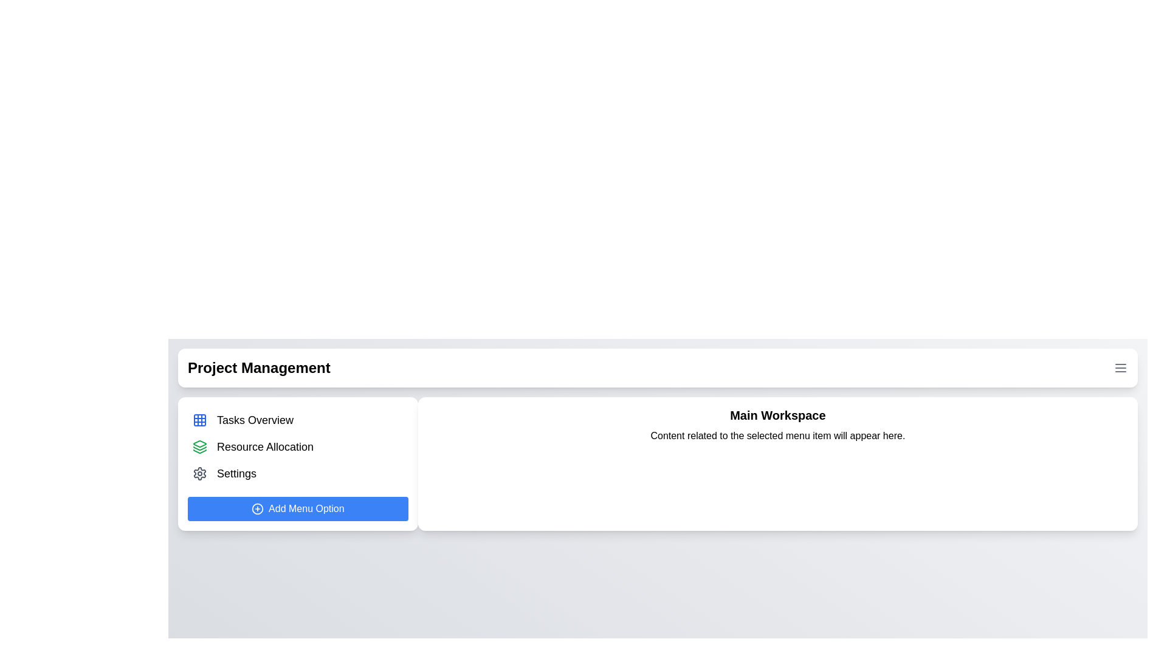 The image size is (1167, 656). I want to click on the menu item Tasks Overview from the list, so click(298, 419).